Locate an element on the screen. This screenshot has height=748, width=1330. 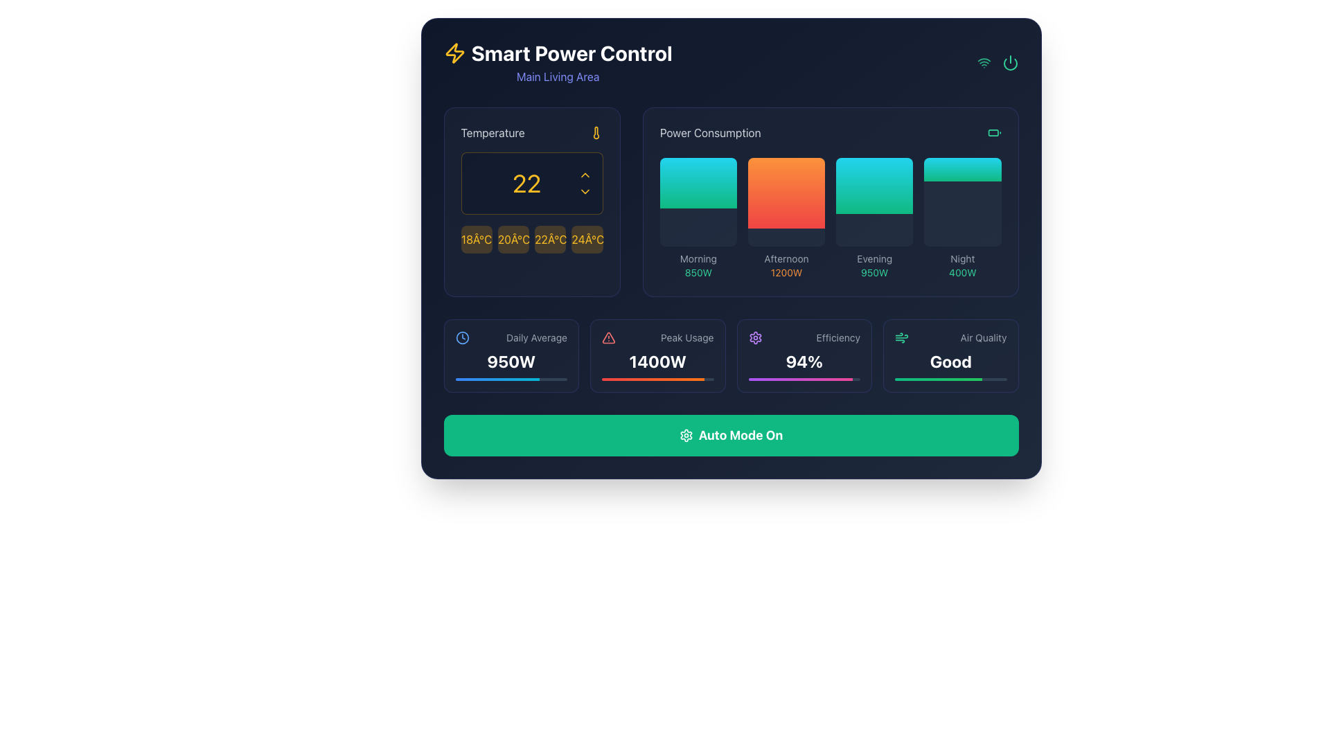
the circular vector graphic that forms the main boundary of the clock icon located in the 'Daily Average' panel at the bottom row of the dashboard is located at coordinates (462, 338).